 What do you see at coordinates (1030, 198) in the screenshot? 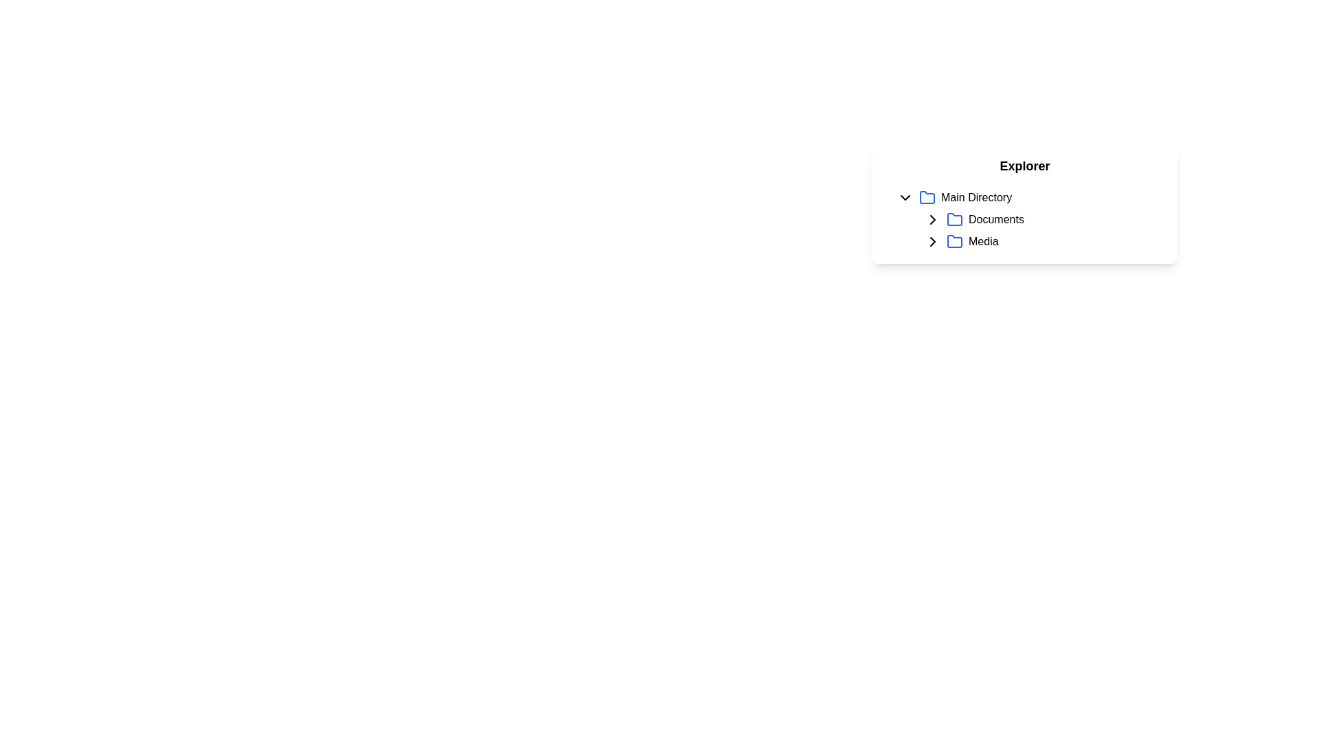
I see `the 'Main Directory' collapsible list item` at bounding box center [1030, 198].